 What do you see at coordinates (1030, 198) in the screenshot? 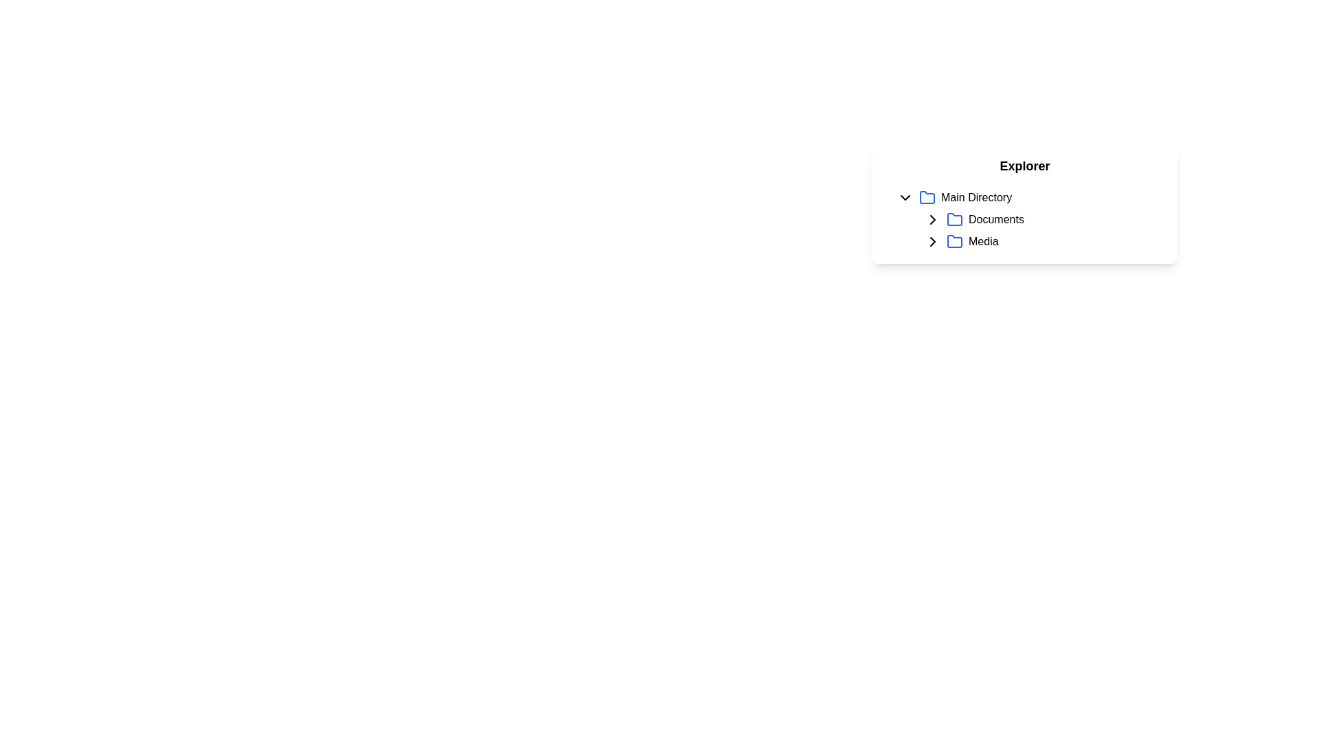
I see `the 'Main Directory' collapsible list item` at bounding box center [1030, 198].